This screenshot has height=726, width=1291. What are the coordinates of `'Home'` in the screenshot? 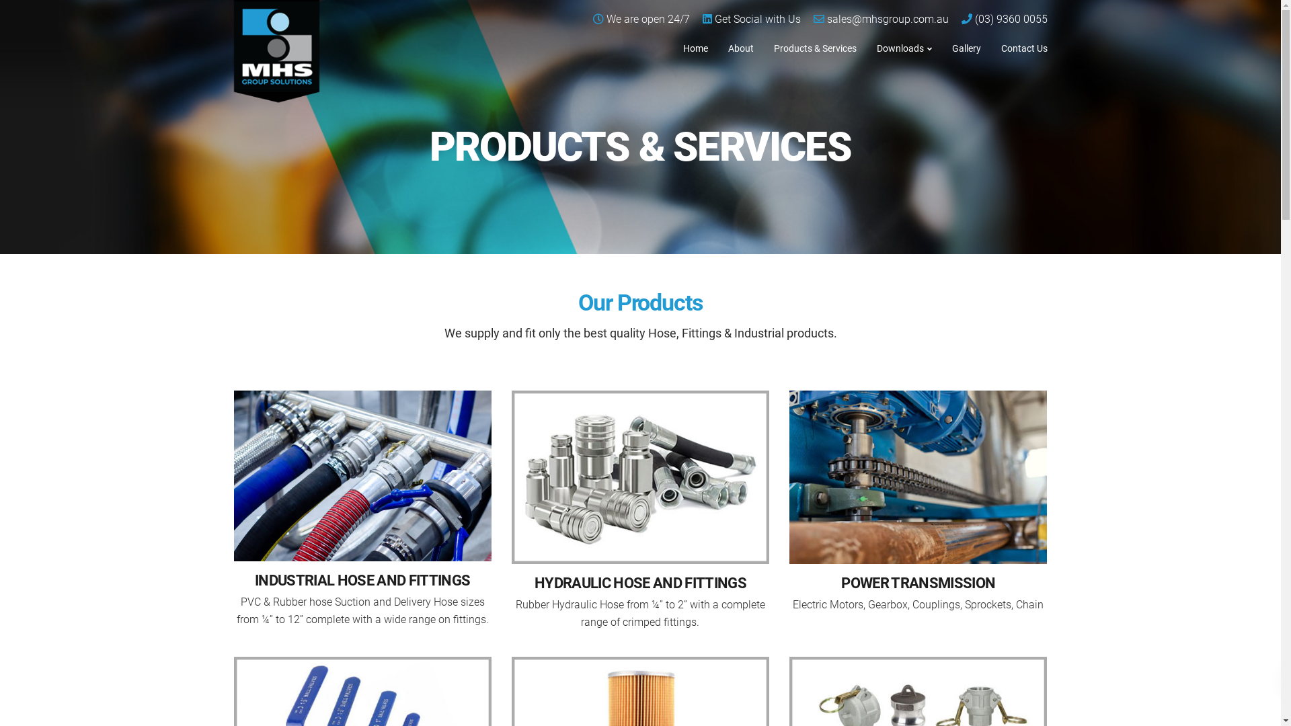 It's located at (695, 46).